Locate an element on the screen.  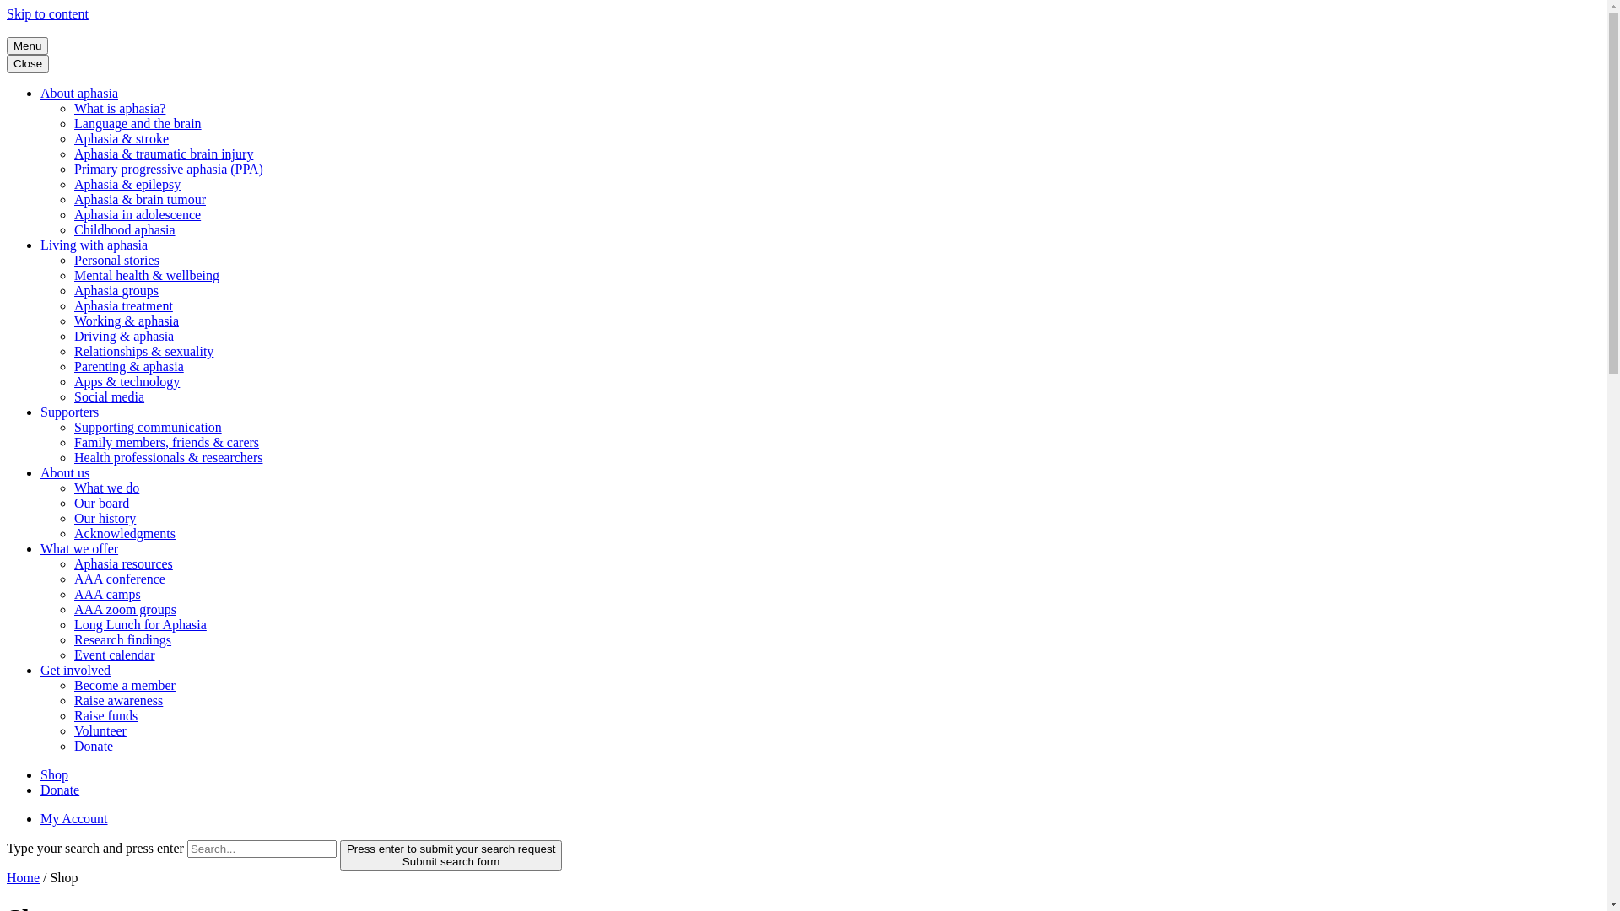
'Close' is located at coordinates (28, 62).